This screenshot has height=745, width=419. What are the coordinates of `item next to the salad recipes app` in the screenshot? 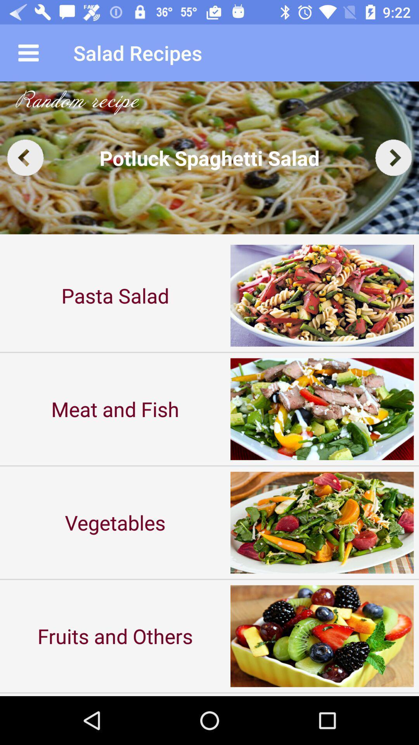 It's located at (28, 52).